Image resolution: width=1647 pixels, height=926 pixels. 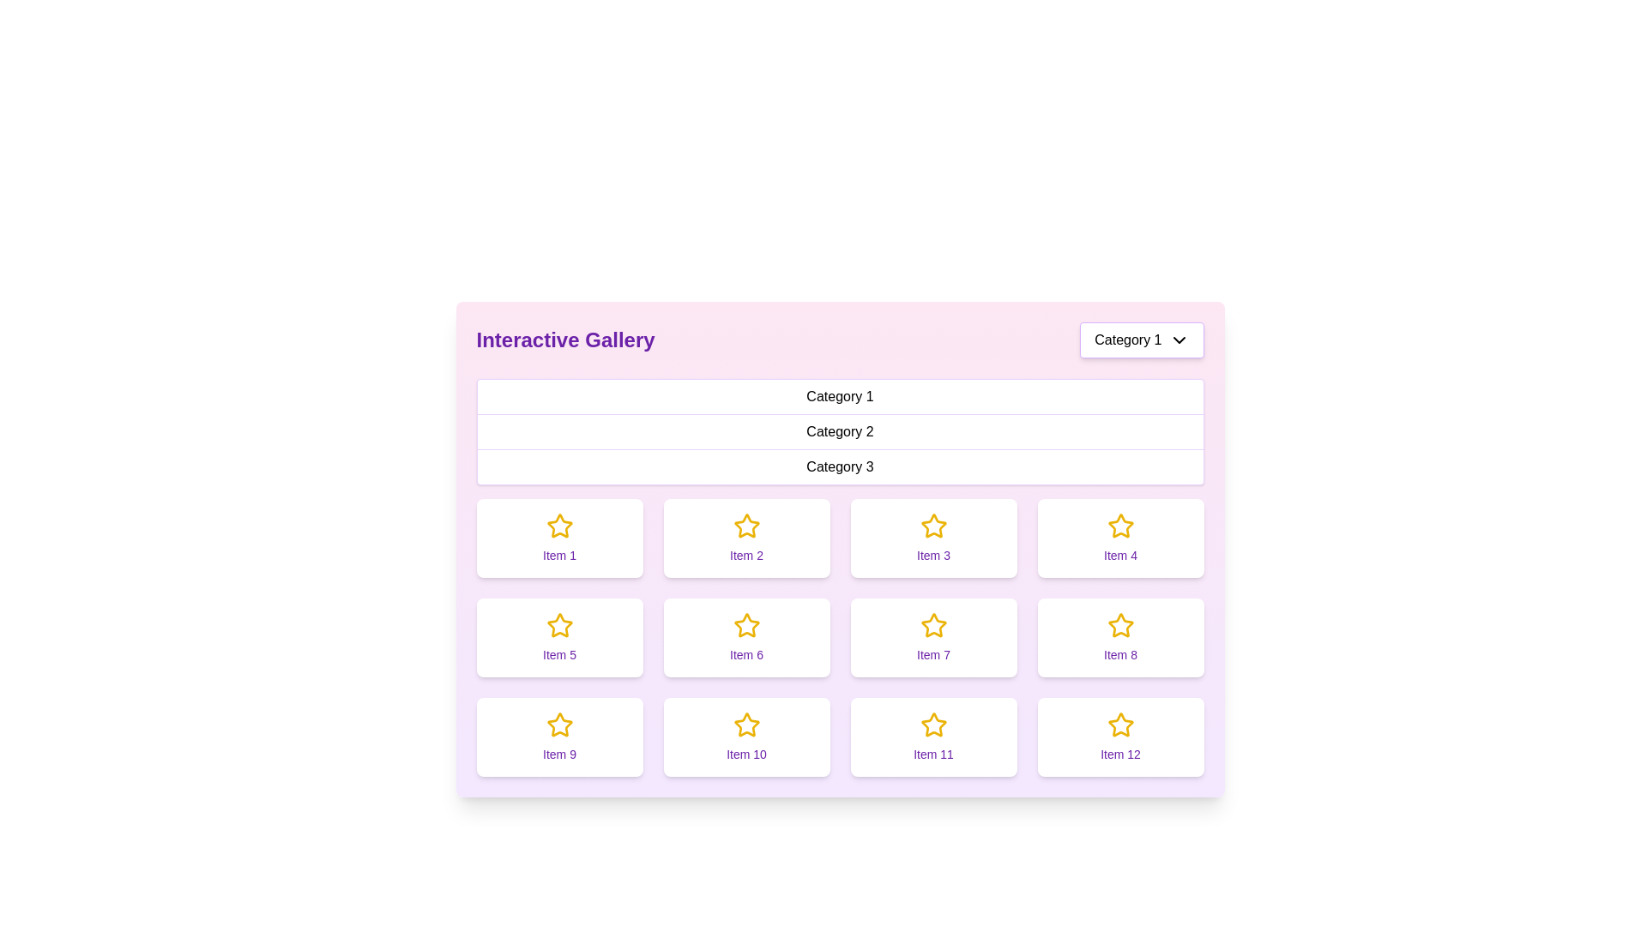 I want to click on the static text label displaying 'Item 8' in purple color, located in the second row and fourth column of the gallery interface, directly below the yellow star icon, so click(x=1120, y=654).